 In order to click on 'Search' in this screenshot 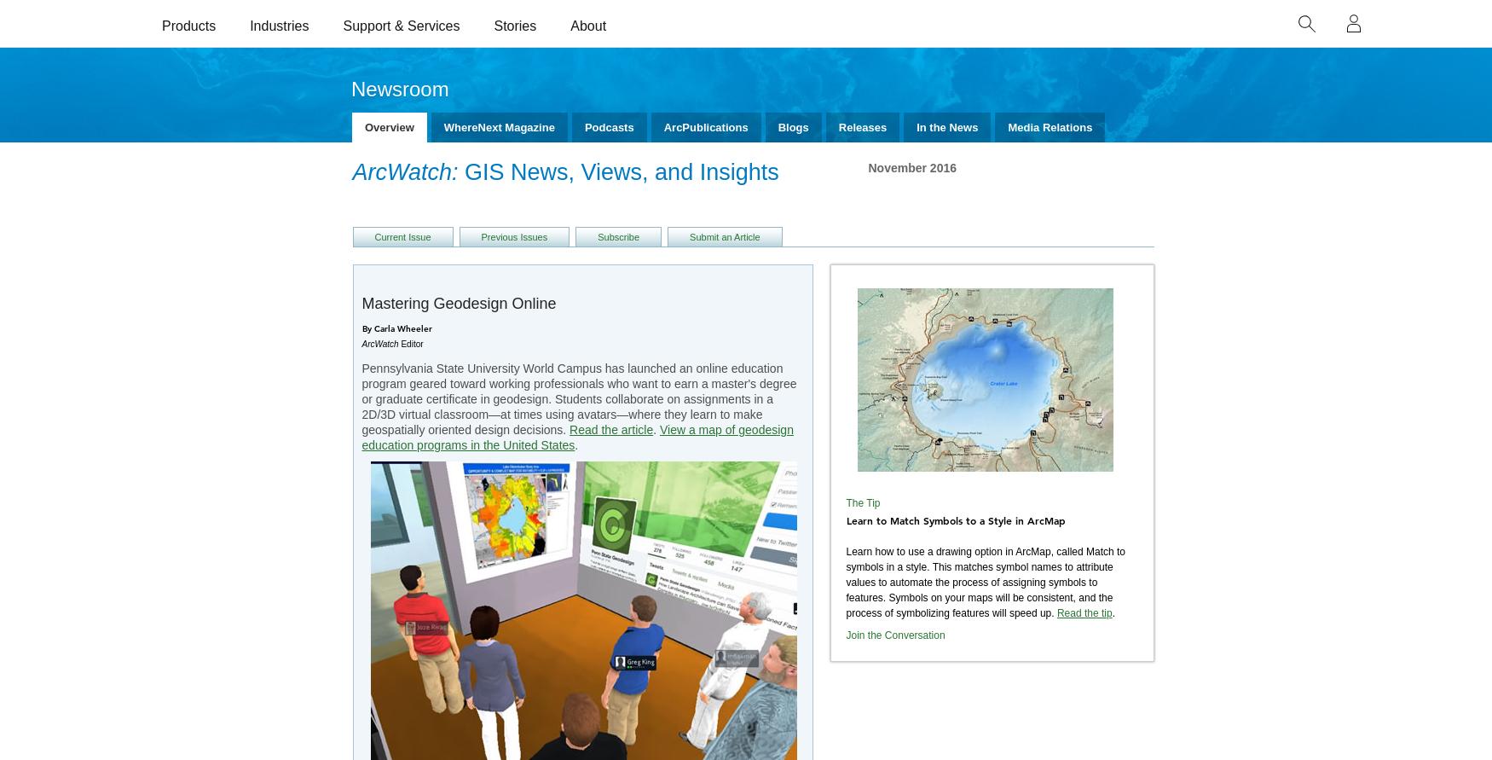, I will do `click(151, 489)`.